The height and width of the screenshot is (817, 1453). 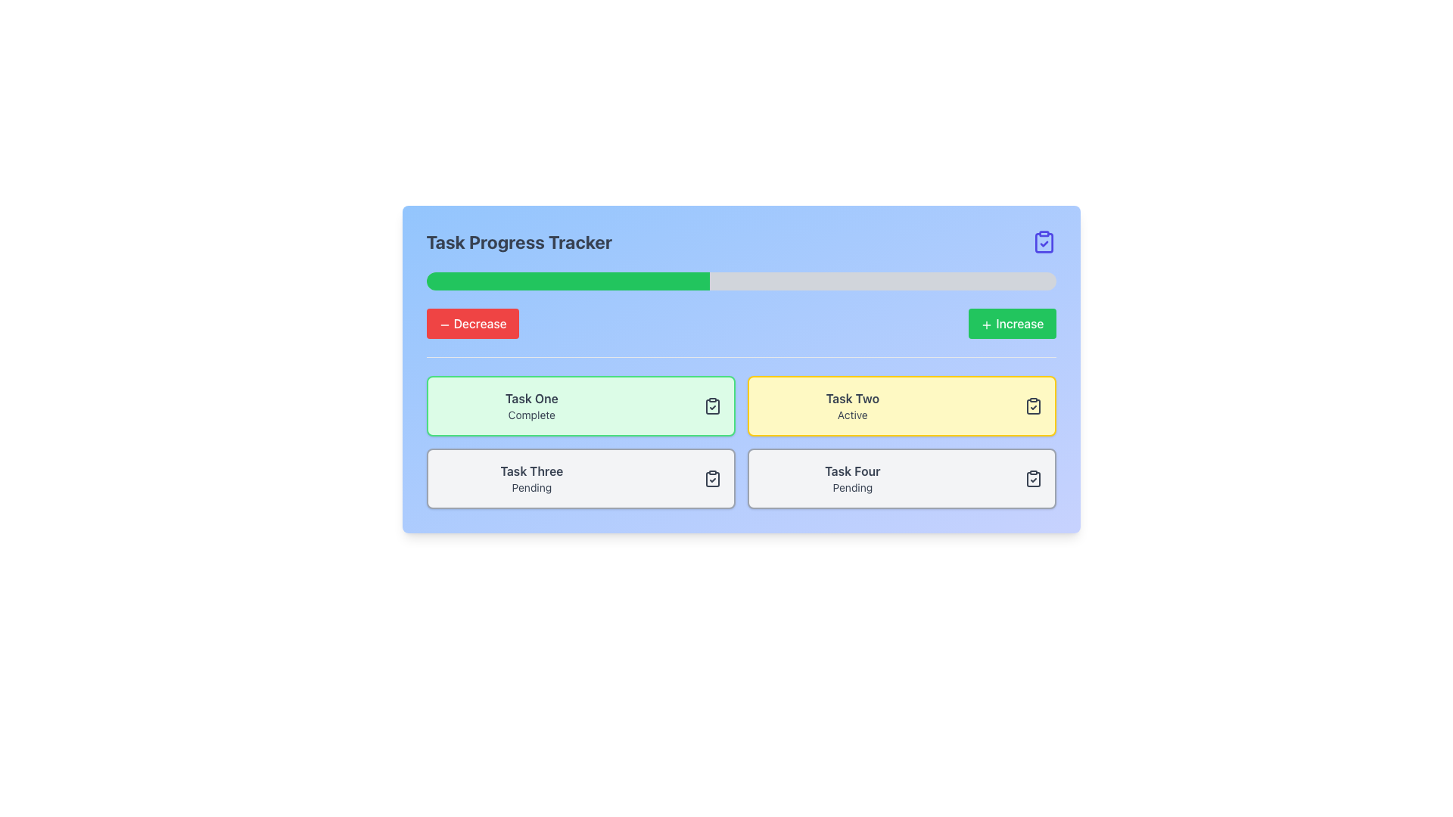 I want to click on the clipboard icon with a checkmark located on the right side of the yellow-highlighted box labeled 'Task Two', so click(x=1032, y=405).